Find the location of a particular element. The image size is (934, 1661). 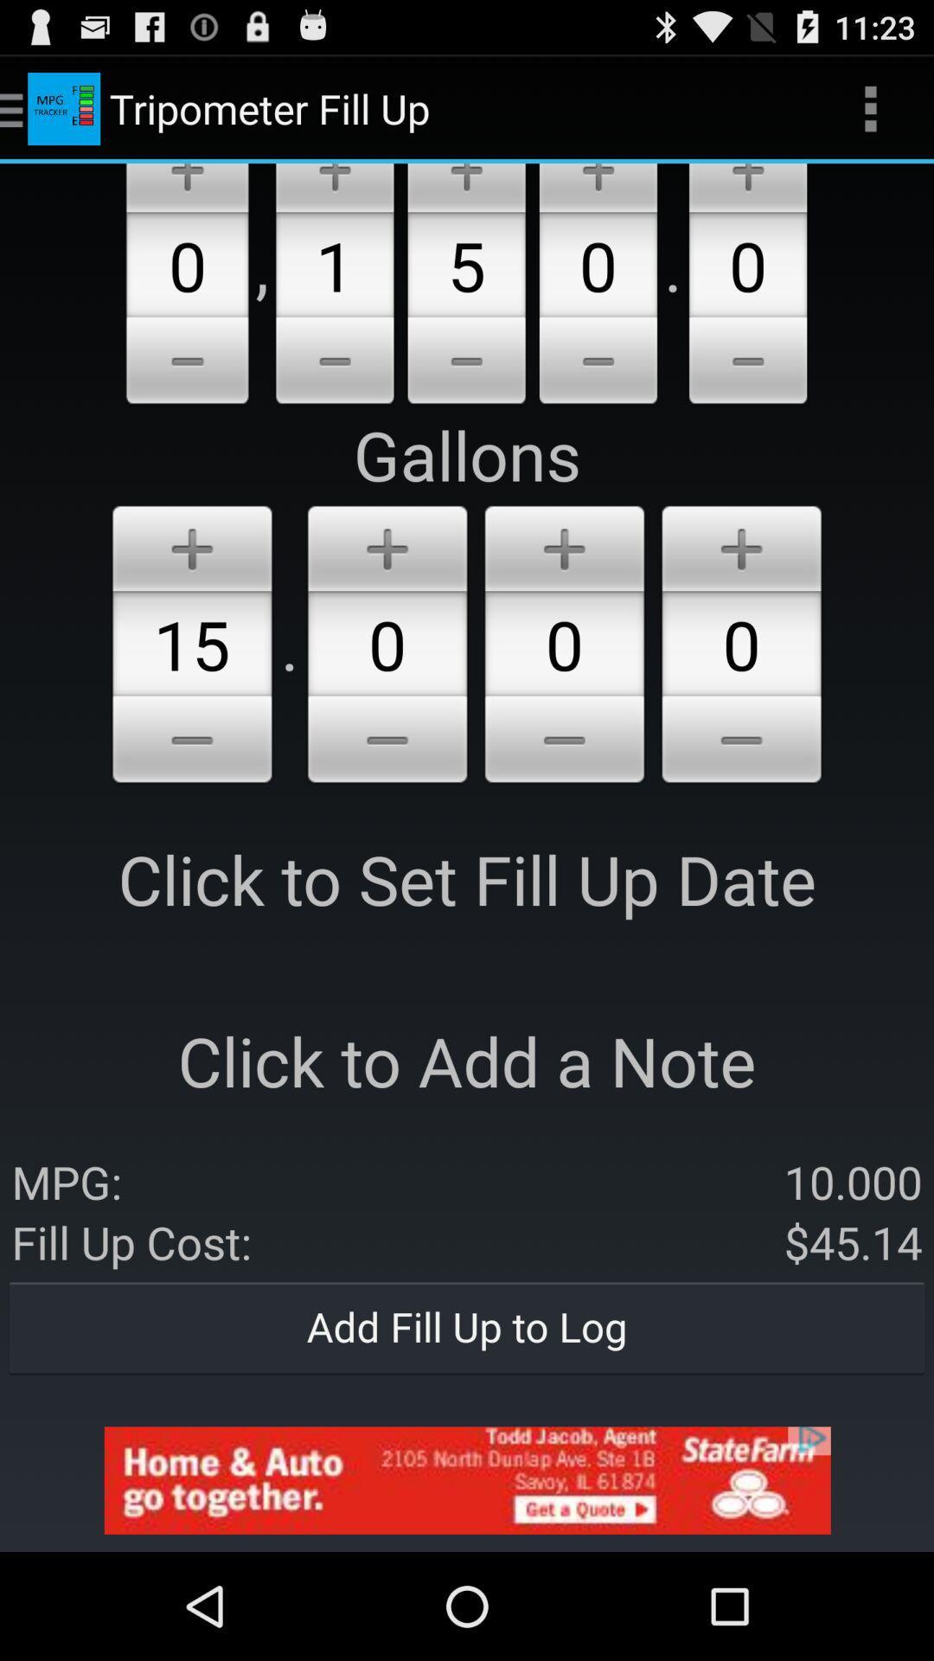

click the add option is located at coordinates (187, 188).